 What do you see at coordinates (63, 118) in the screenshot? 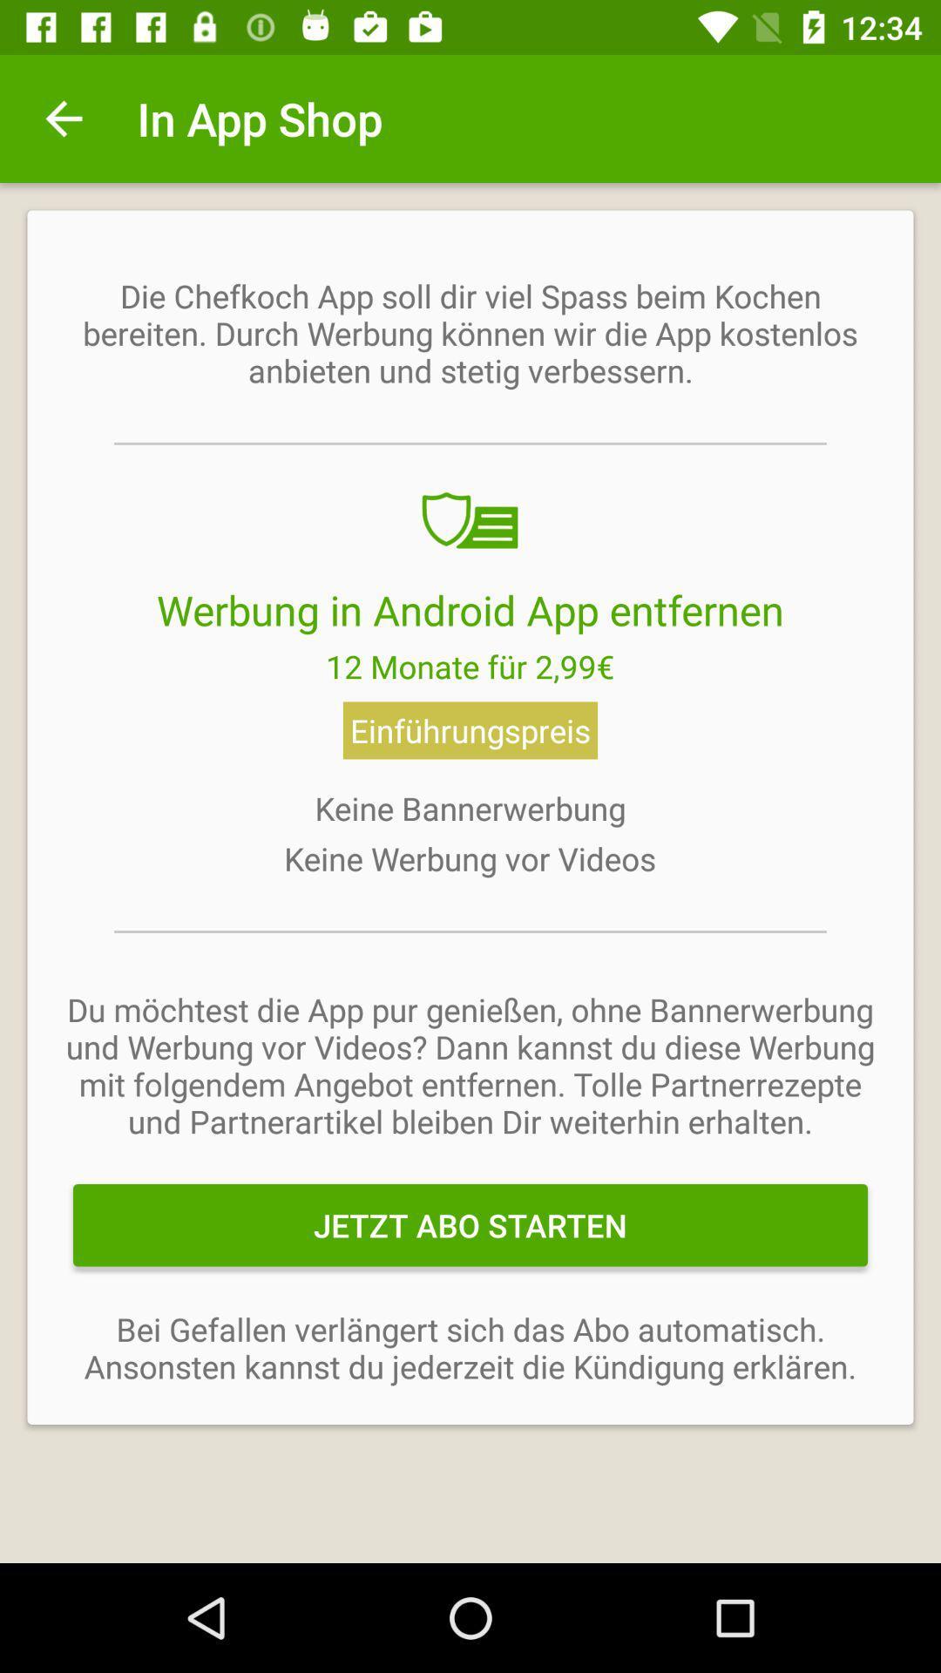
I see `the icon to the left of the in app shop item` at bounding box center [63, 118].